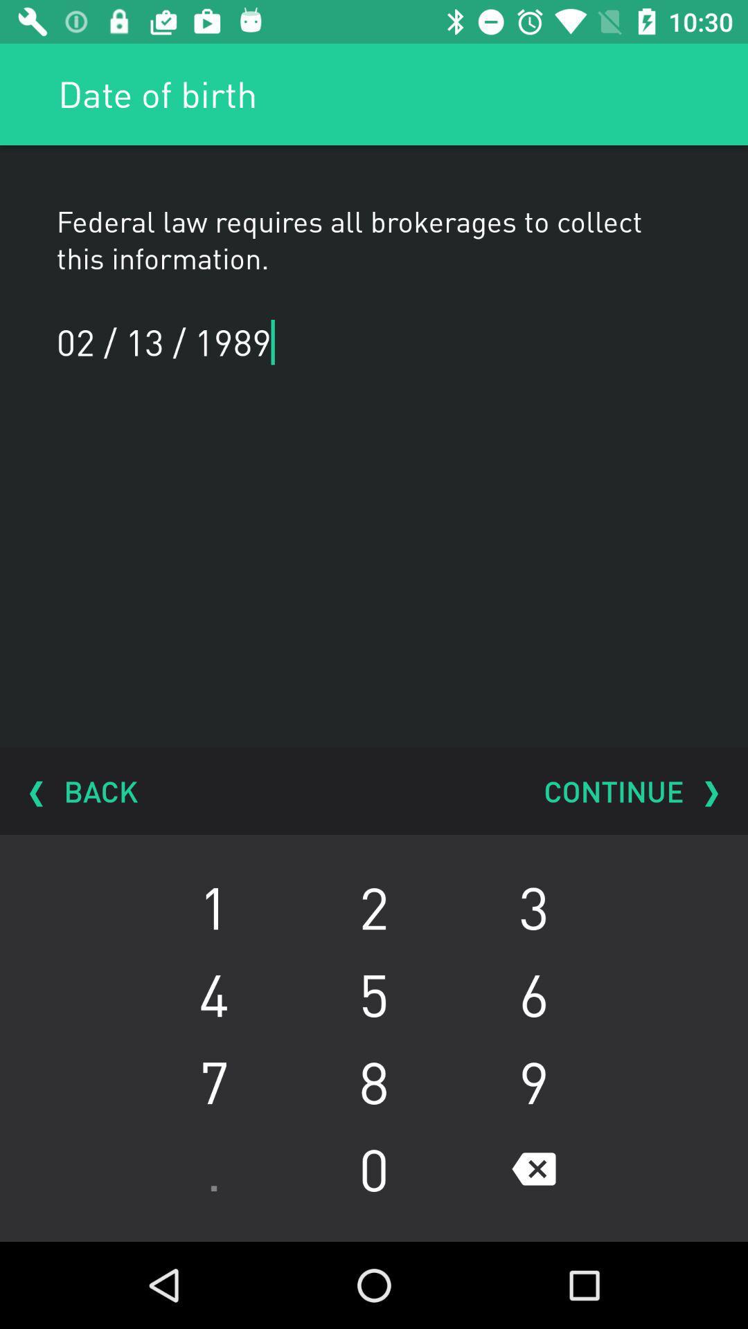 The height and width of the screenshot is (1329, 748). What do you see at coordinates (213, 1081) in the screenshot?
I see `7 icon` at bounding box center [213, 1081].